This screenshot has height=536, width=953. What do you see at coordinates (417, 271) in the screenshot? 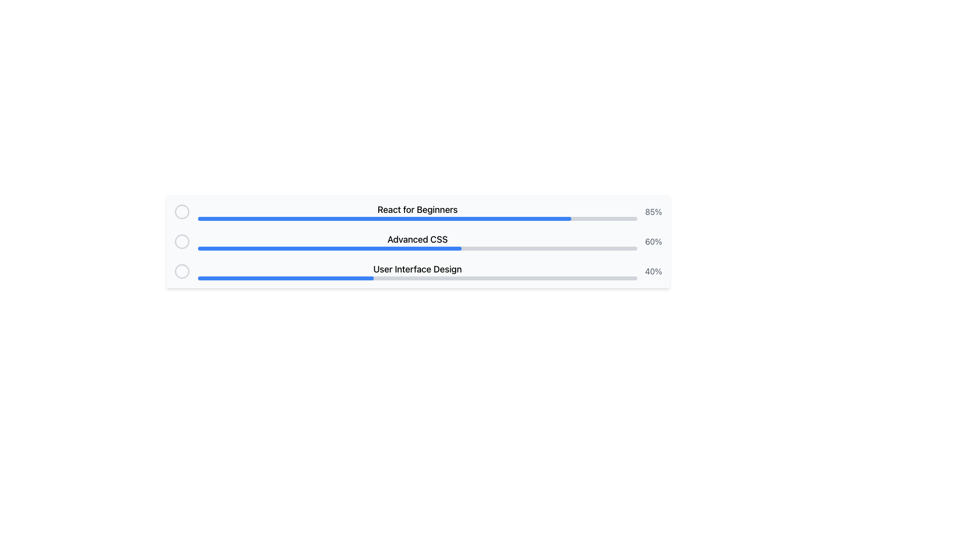
I see `the Labeled Progress Indicator for the 'User Interface Design' course, which visually shows progress and is the third item in a vertical list` at bounding box center [417, 271].